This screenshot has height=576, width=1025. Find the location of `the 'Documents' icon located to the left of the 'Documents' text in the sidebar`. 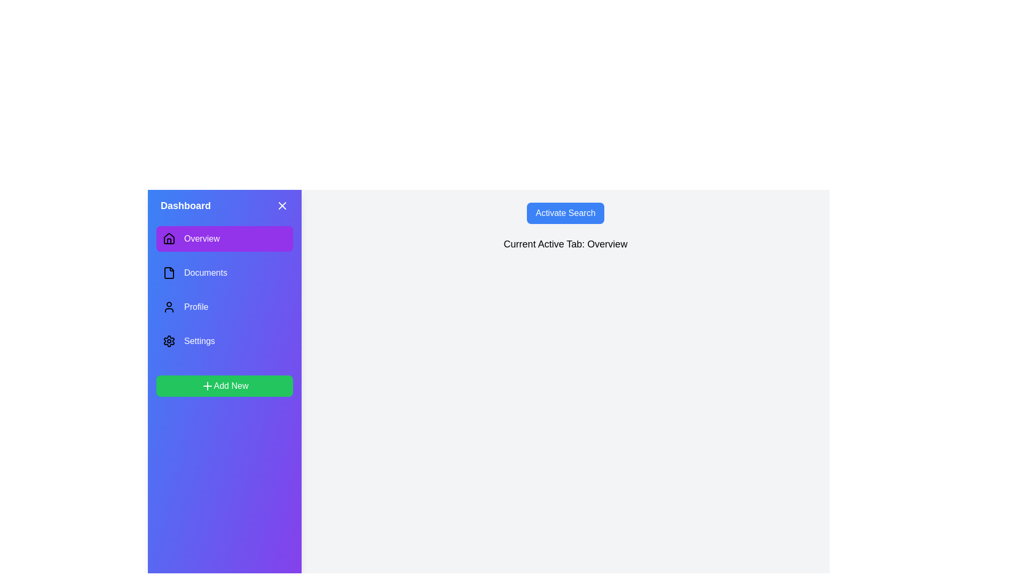

the 'Documents' icon located to the left of the 'Documents' text in the sidebar is located at coordinates (168, 273).